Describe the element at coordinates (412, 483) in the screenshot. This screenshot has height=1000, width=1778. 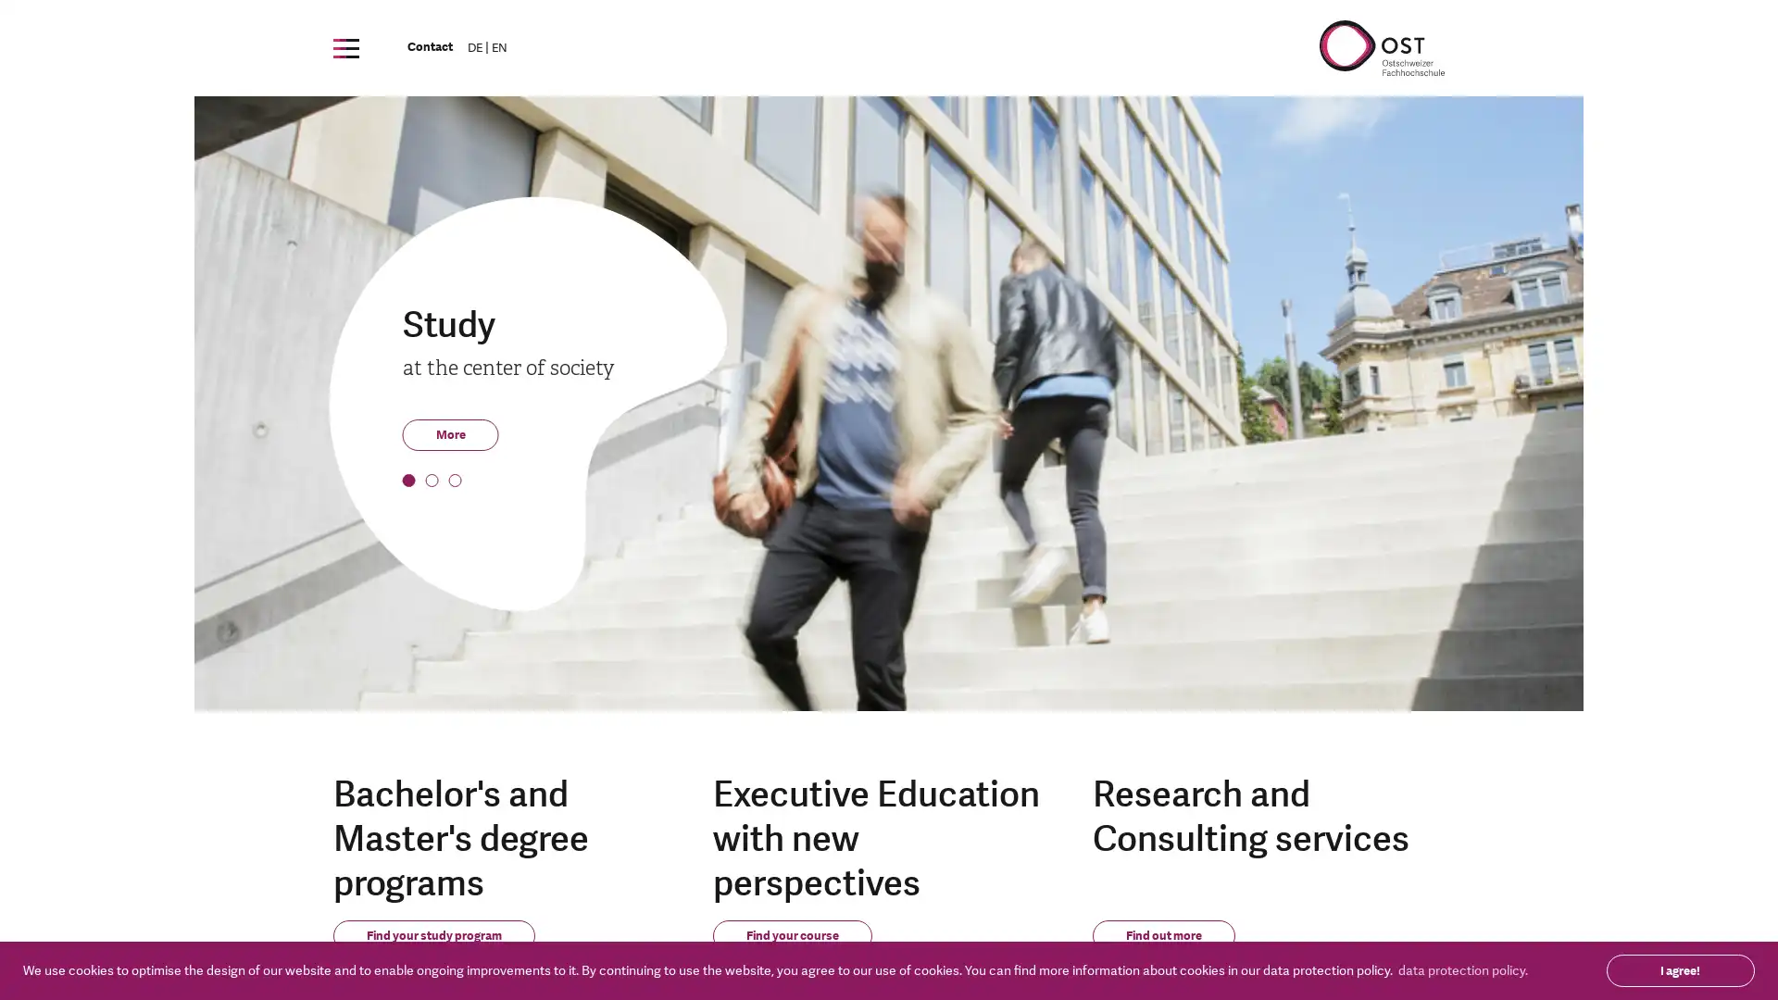
I see `1` at that location.